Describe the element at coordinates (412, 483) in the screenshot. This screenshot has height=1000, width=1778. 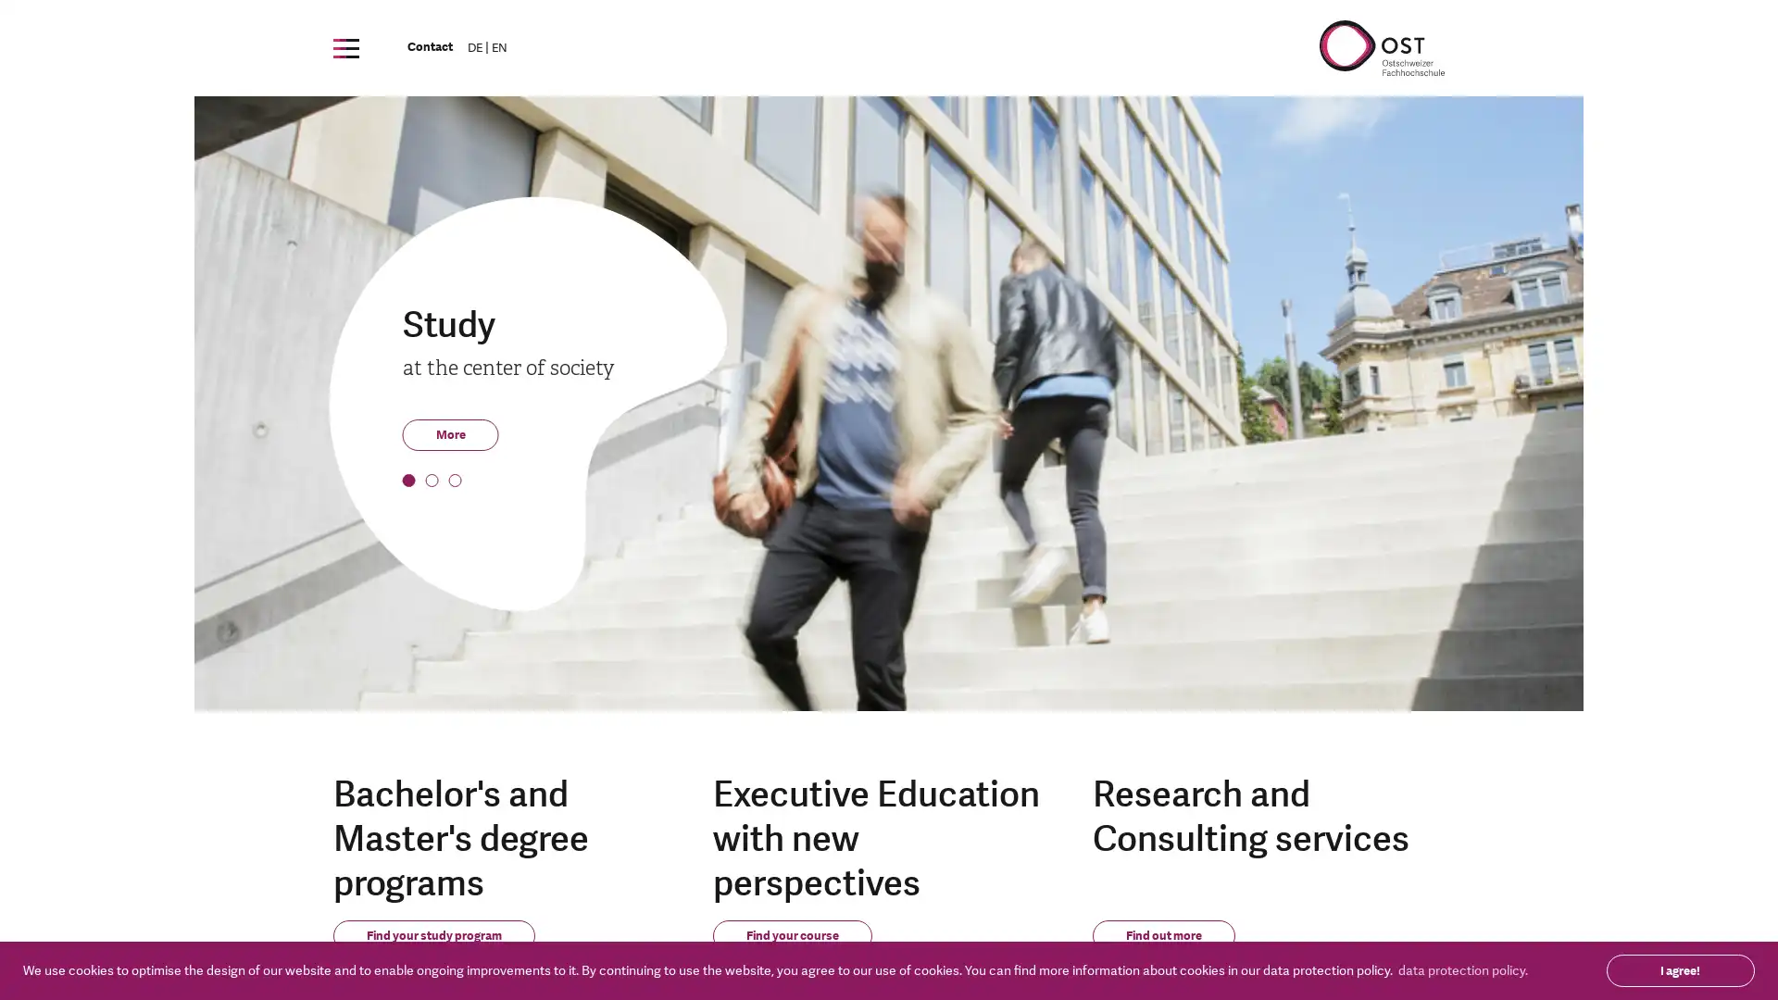
I see `1` at that location.